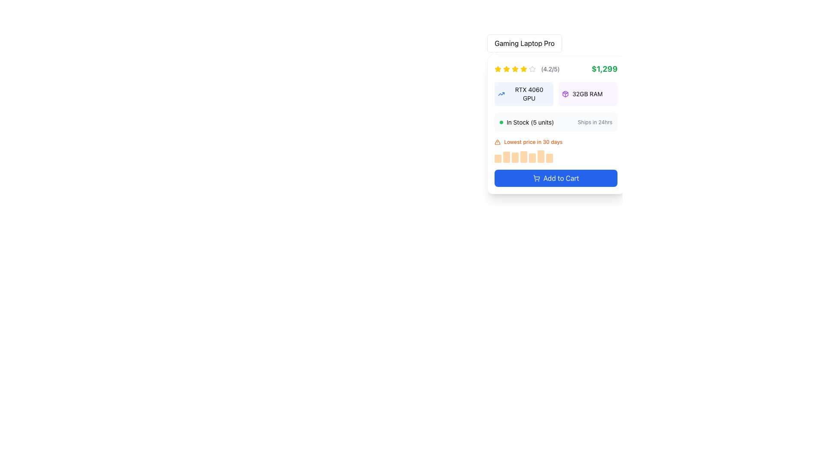  I want to click on the text label displaying the rating '(4.2/5)' which is positioned next to the star icons in the product information section, so click(550, 69).